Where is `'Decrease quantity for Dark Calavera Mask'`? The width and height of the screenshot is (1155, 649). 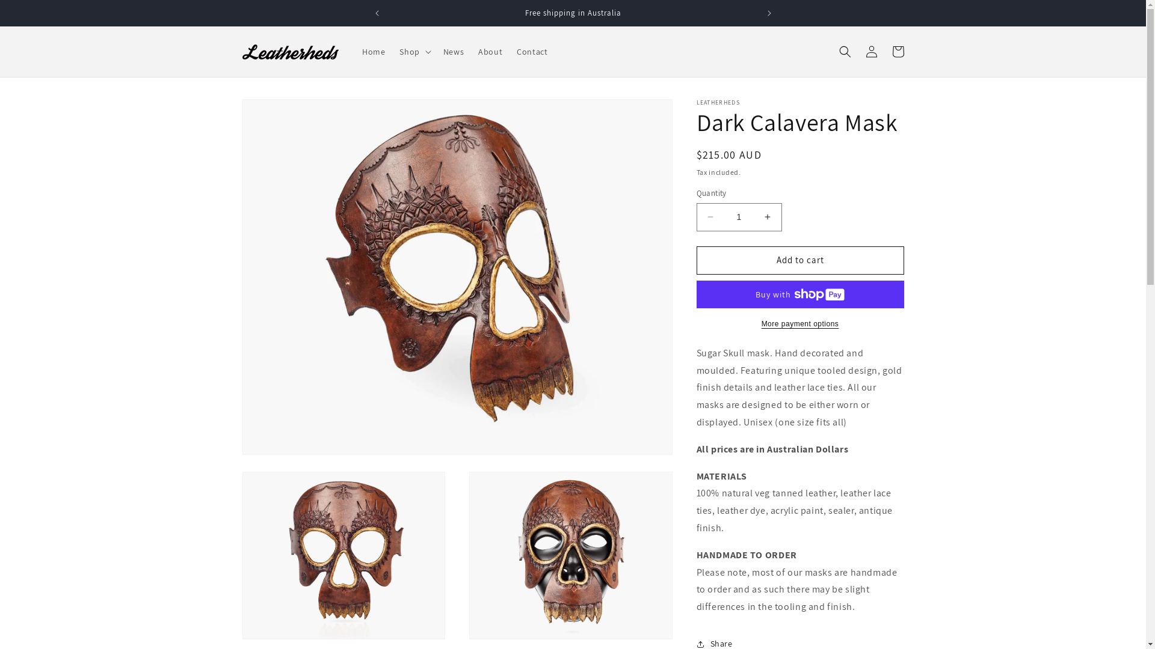 'Decrease quantity for Dark Calavera Mask' is located at coordinates (710, 217).